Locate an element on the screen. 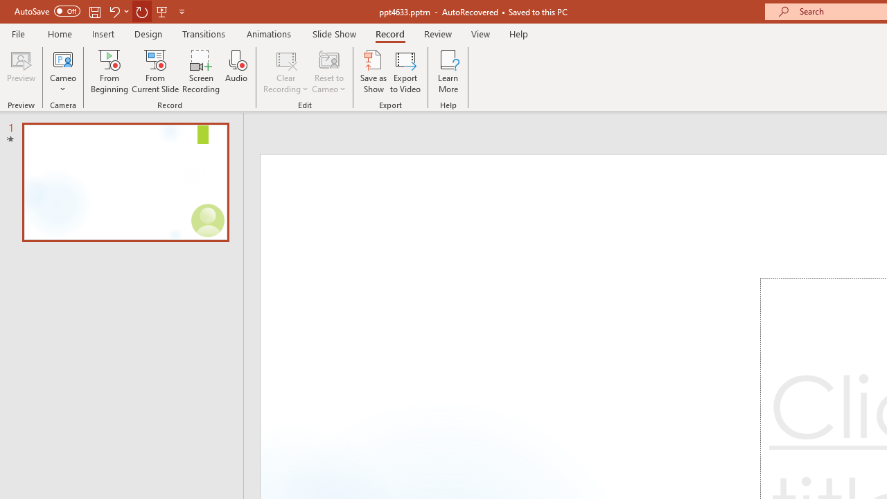  'Transitions' is located at coordinates (204, 33).